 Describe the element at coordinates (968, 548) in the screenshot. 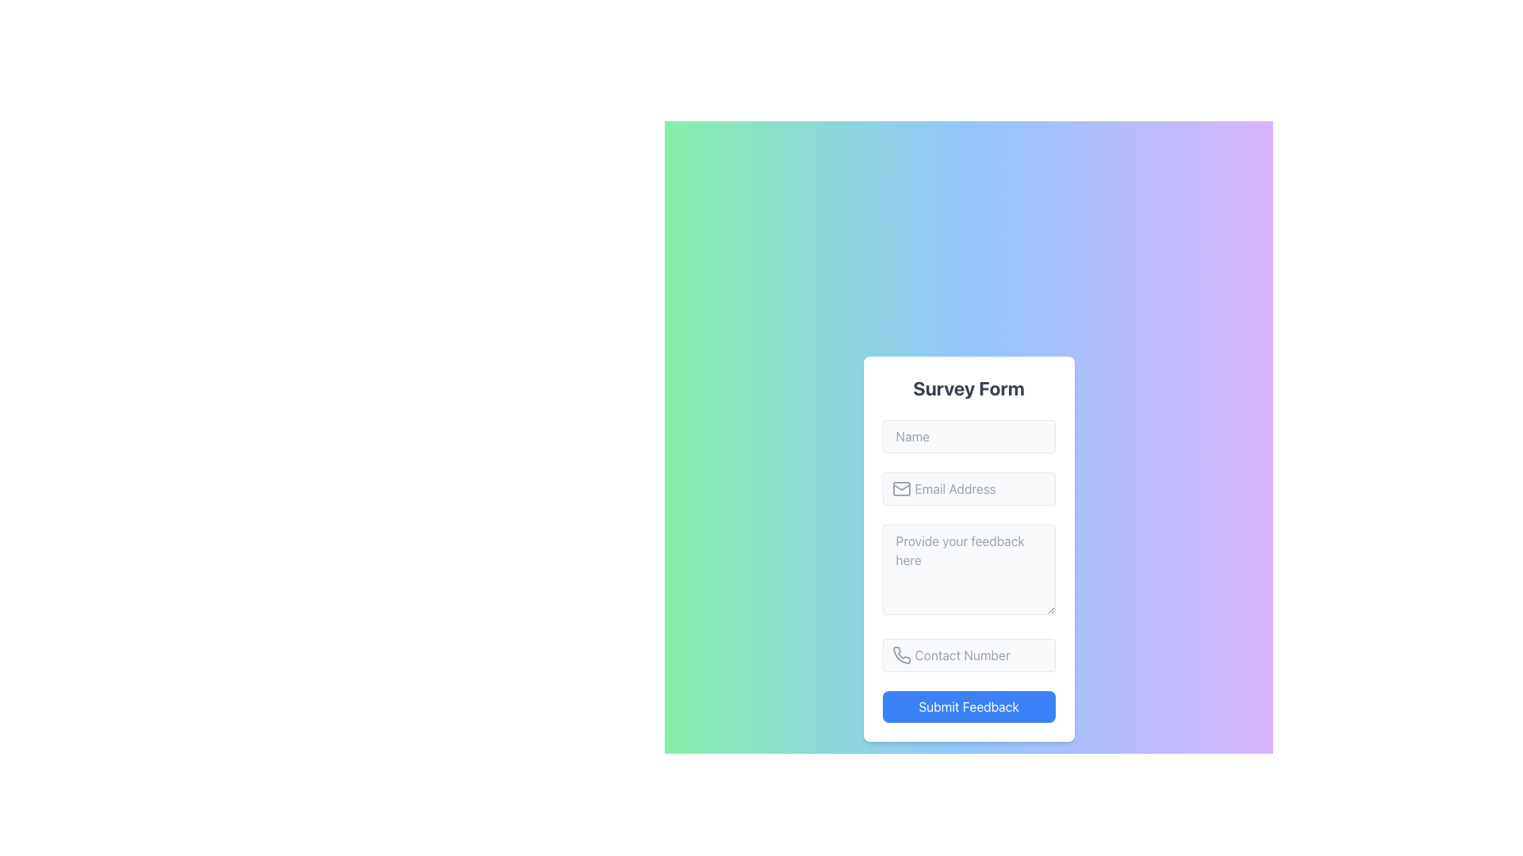

I see `the input fields of the 'Survey Form' which is a white form box with rounded corners and multiple input fields including 'Name', 'Email Address', and 'Contact Number'` at that location.